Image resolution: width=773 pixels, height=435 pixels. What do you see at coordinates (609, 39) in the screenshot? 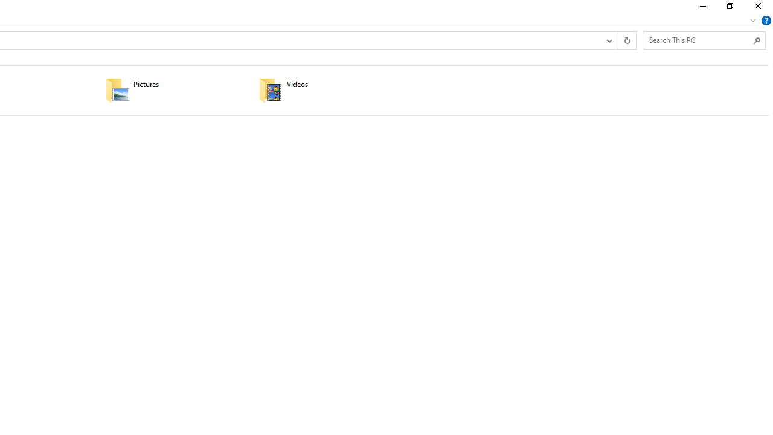
I see `'Previous Locations'` at bounding box center [609, 39].